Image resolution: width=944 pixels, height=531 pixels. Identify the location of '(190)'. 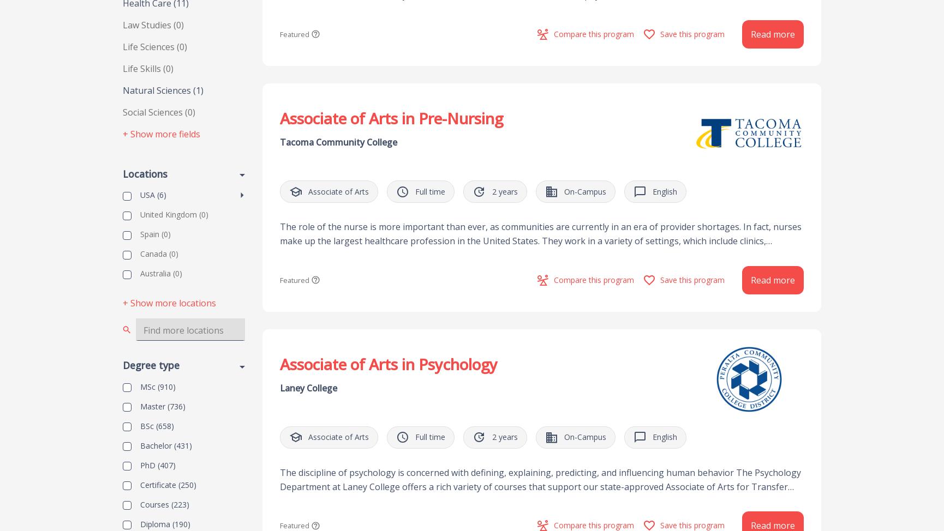
(181, 523).